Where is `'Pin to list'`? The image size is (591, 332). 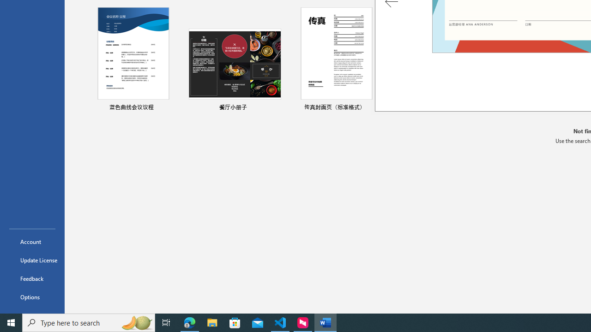
'Pin to list' is located at coordinates (579, 108).